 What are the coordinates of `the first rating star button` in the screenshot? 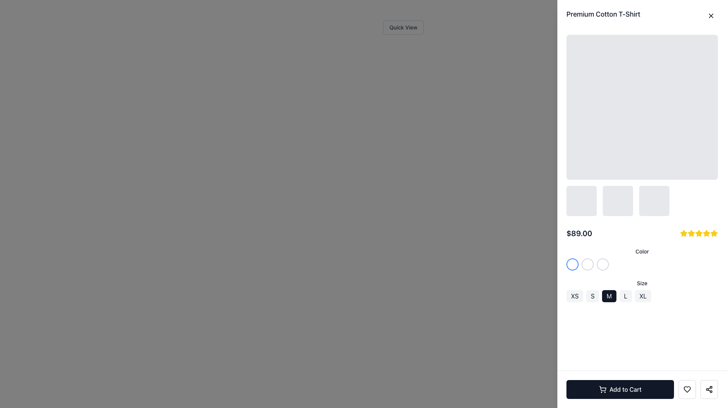 It's located at (683, 233).